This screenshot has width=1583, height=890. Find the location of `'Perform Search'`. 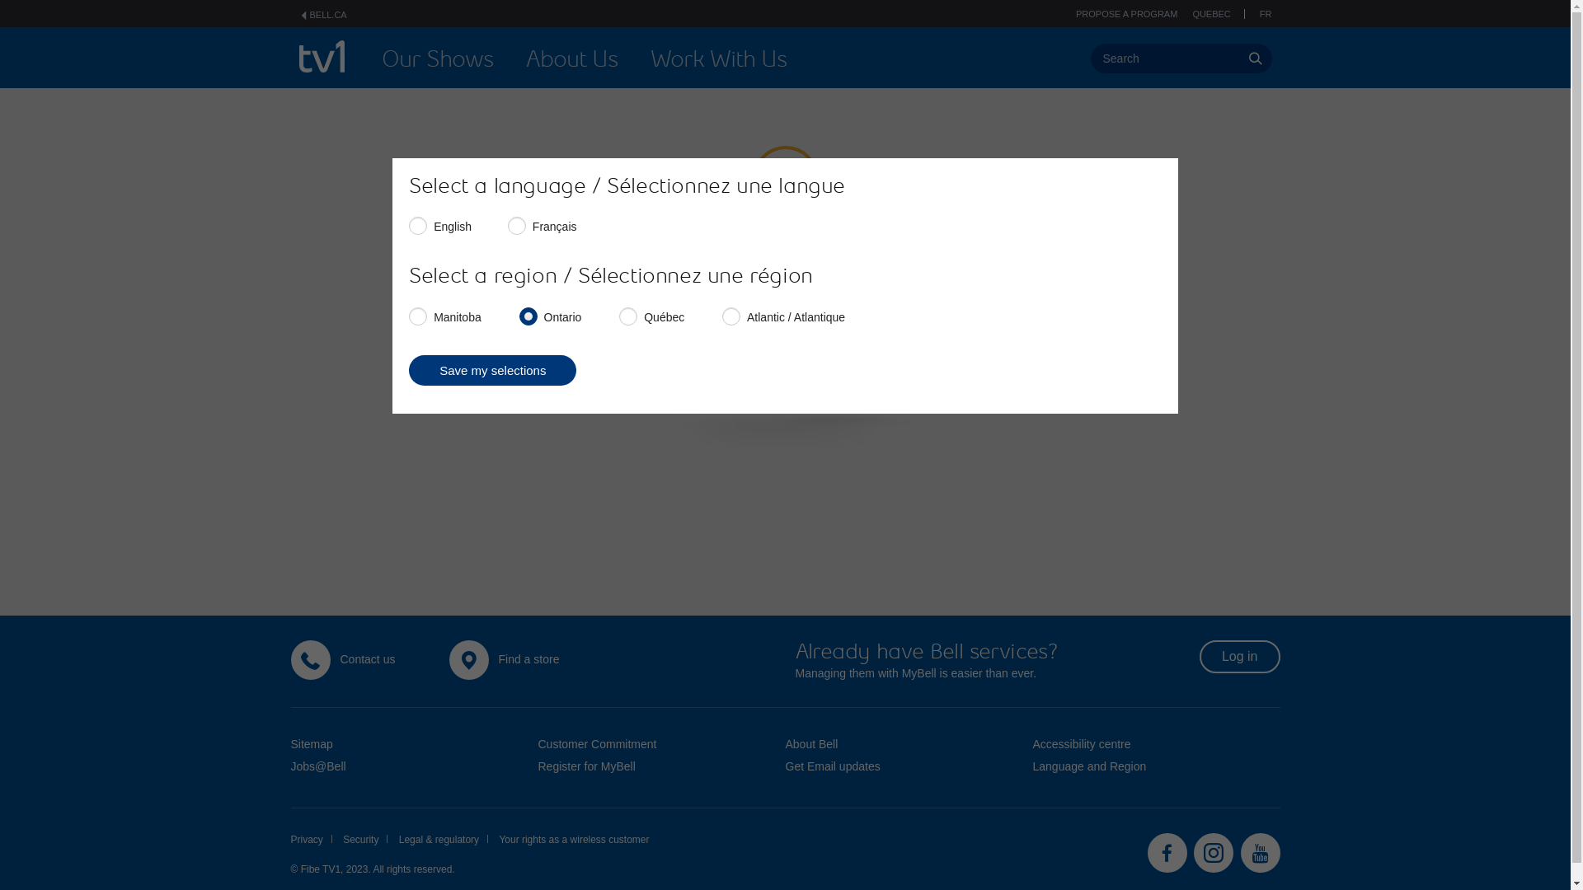

'Perform Search' is located at coordinates (1253, 57).